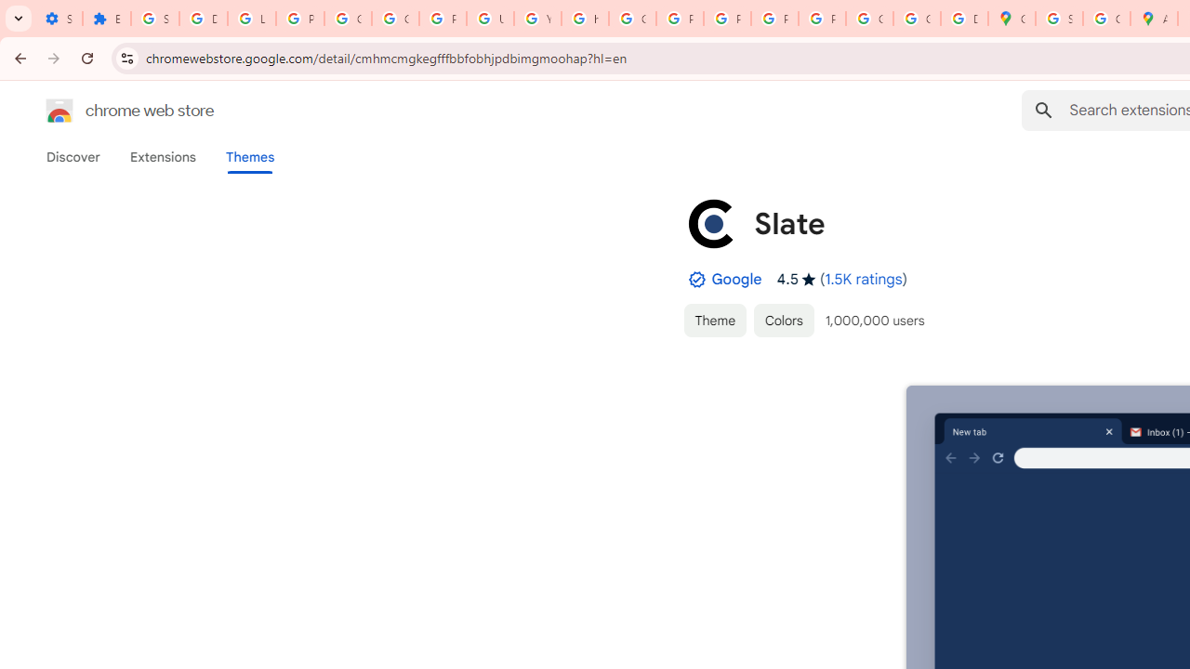 This screenshot has width=1190, height=669. What do you see at coordinates (203, 19) in the screenshot?
I see `'Delete photos & videos - Computer - Google Photos Help'` at bounding box center [203, 19].